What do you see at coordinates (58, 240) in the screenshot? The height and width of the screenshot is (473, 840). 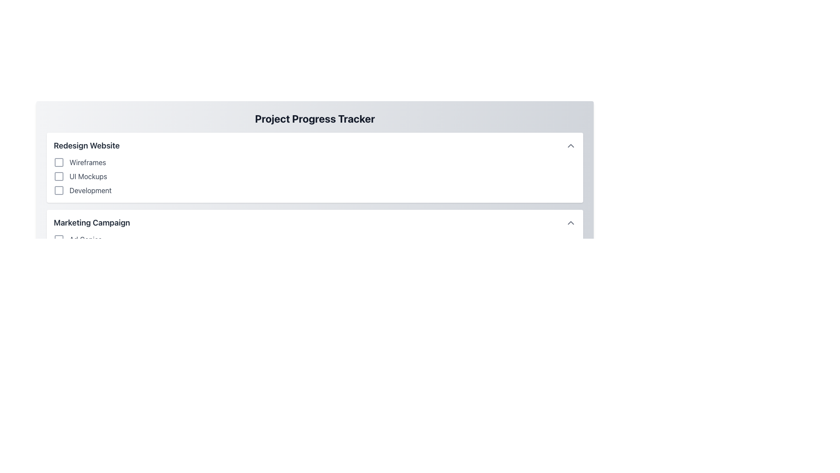 I see `the checkbox located within the 'Marketing Campaign' section, adjacent to the 'Ad Series' option` at bounding box center [58, 240].